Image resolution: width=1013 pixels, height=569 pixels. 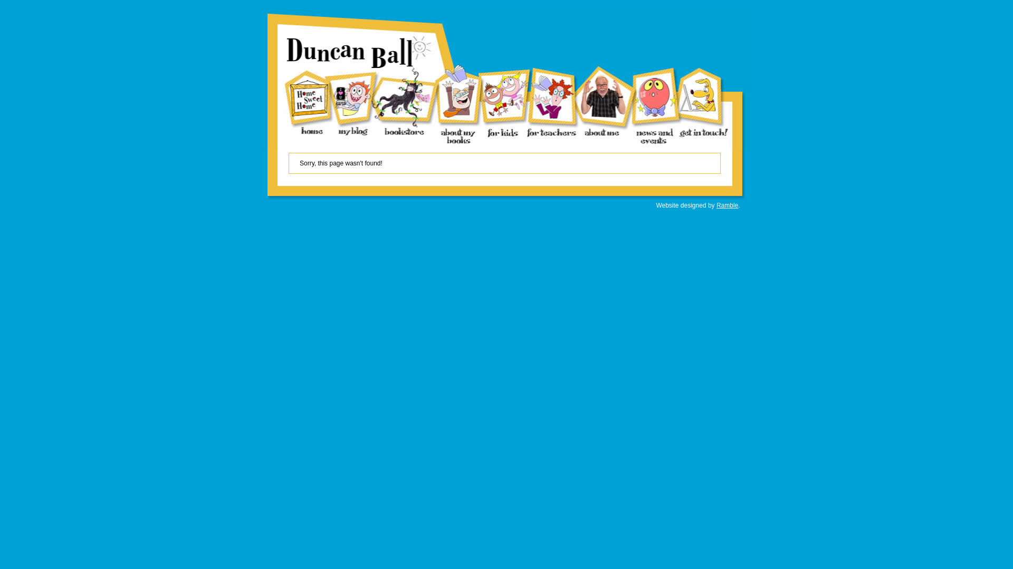 What do you see at coordinates (727, 205) in the screenshot?
I see `'Ramble'` at bounding box center [727, 205].